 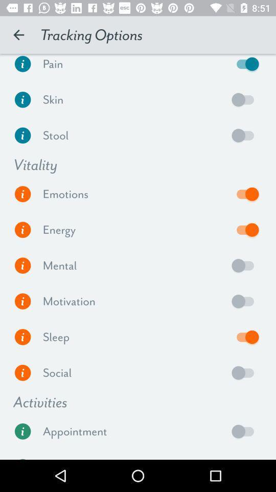 I want to click on enable button, so click(x=245, y=265).